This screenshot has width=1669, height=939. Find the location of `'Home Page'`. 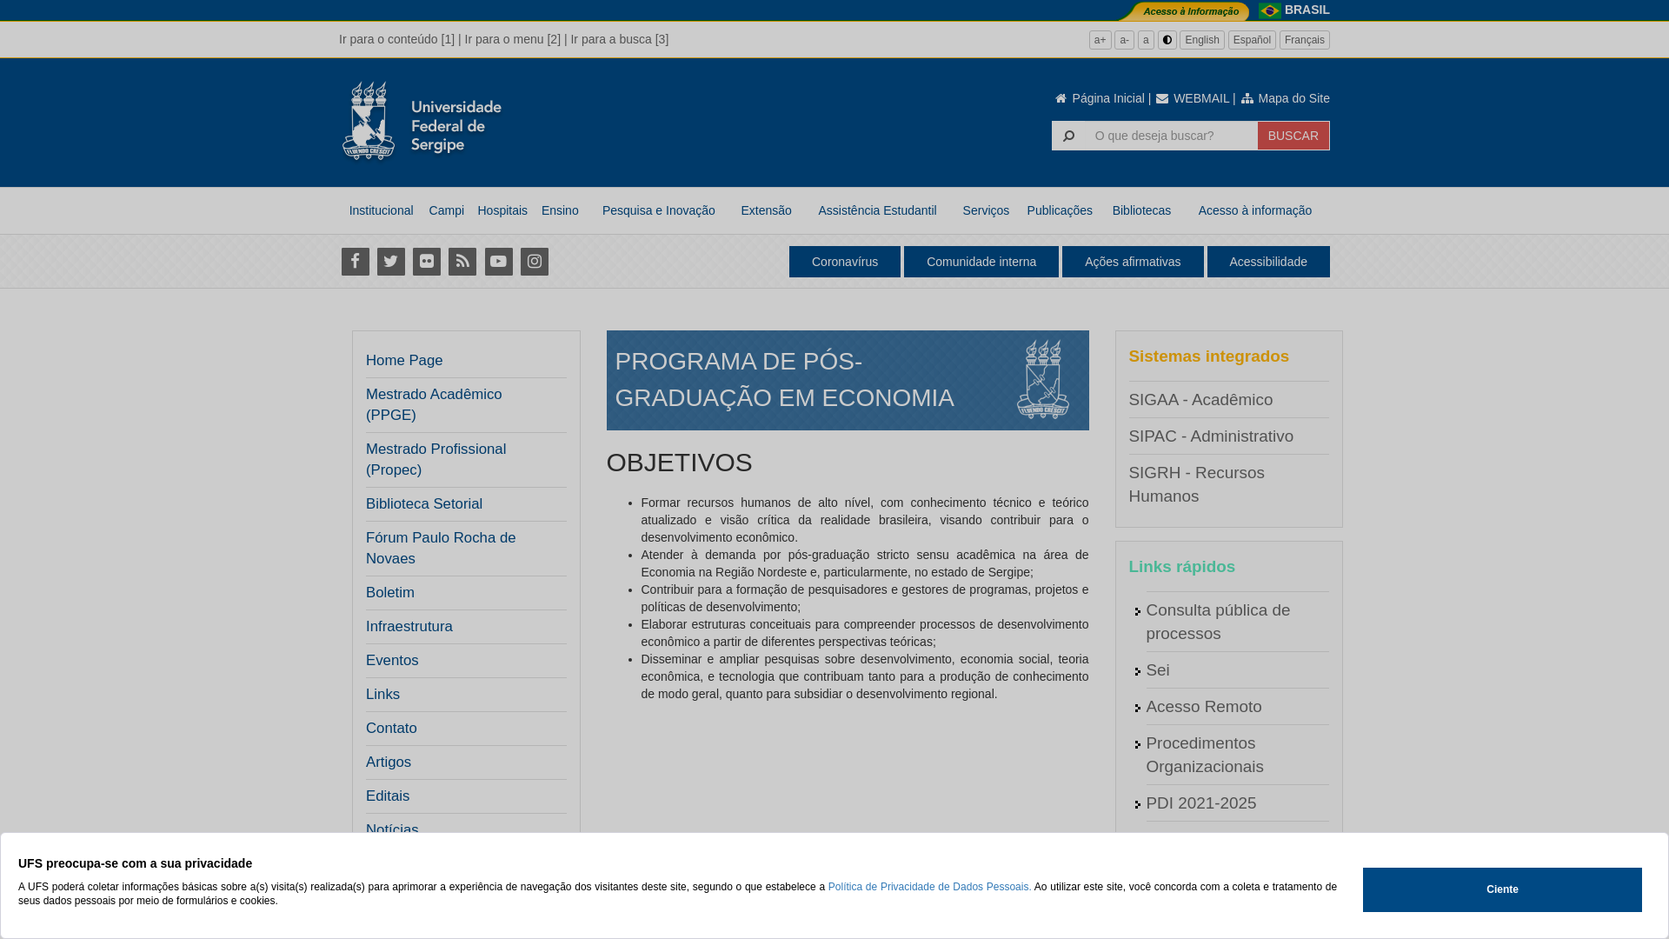

'Home Page' is located at coordinates (365, 360).